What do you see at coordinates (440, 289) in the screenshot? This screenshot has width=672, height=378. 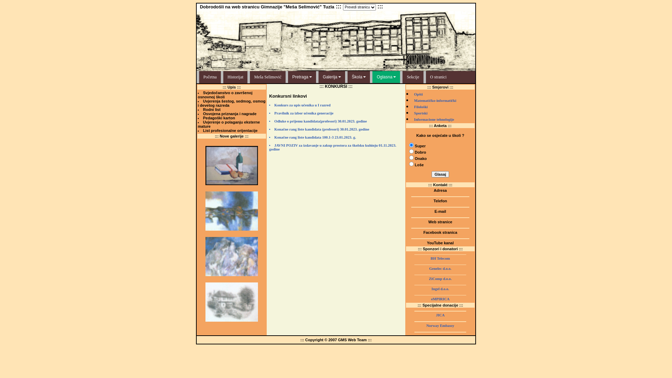 I see `'Ingel d.o.o.'` at bounding box center [440, 289].